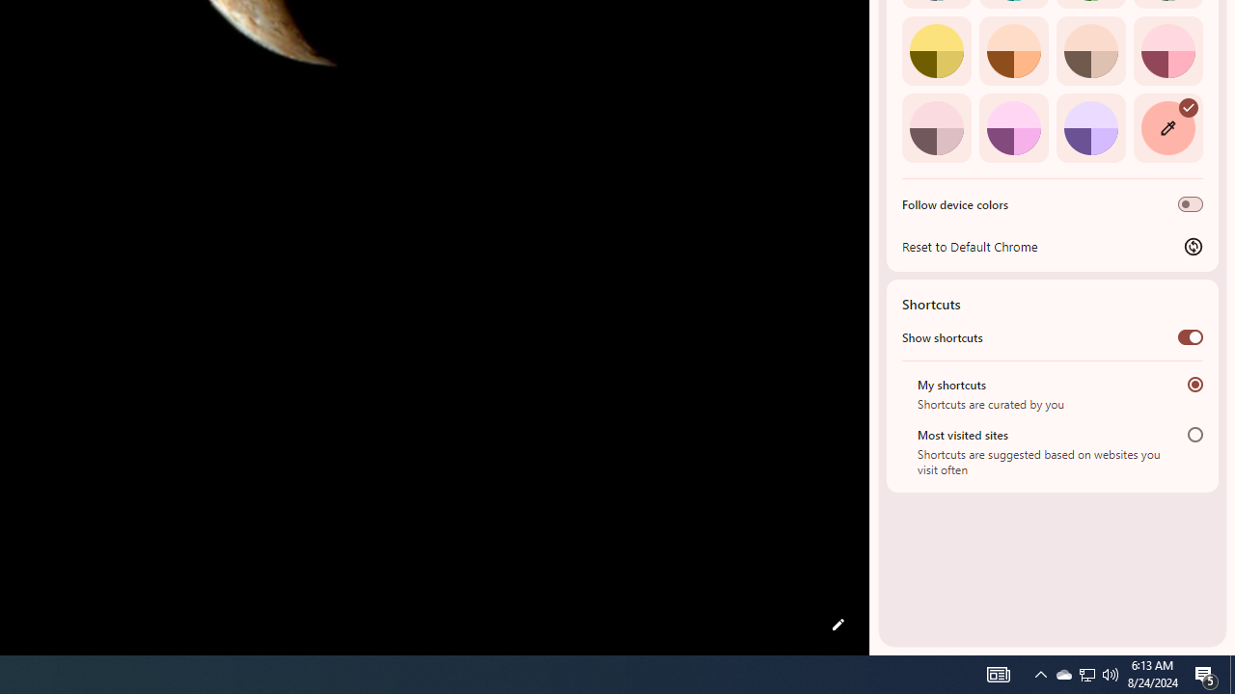 Image resolution: width=1235 pixels, height=694 pixels. I want to click on 'My shortcuts', so click(1194, 384).